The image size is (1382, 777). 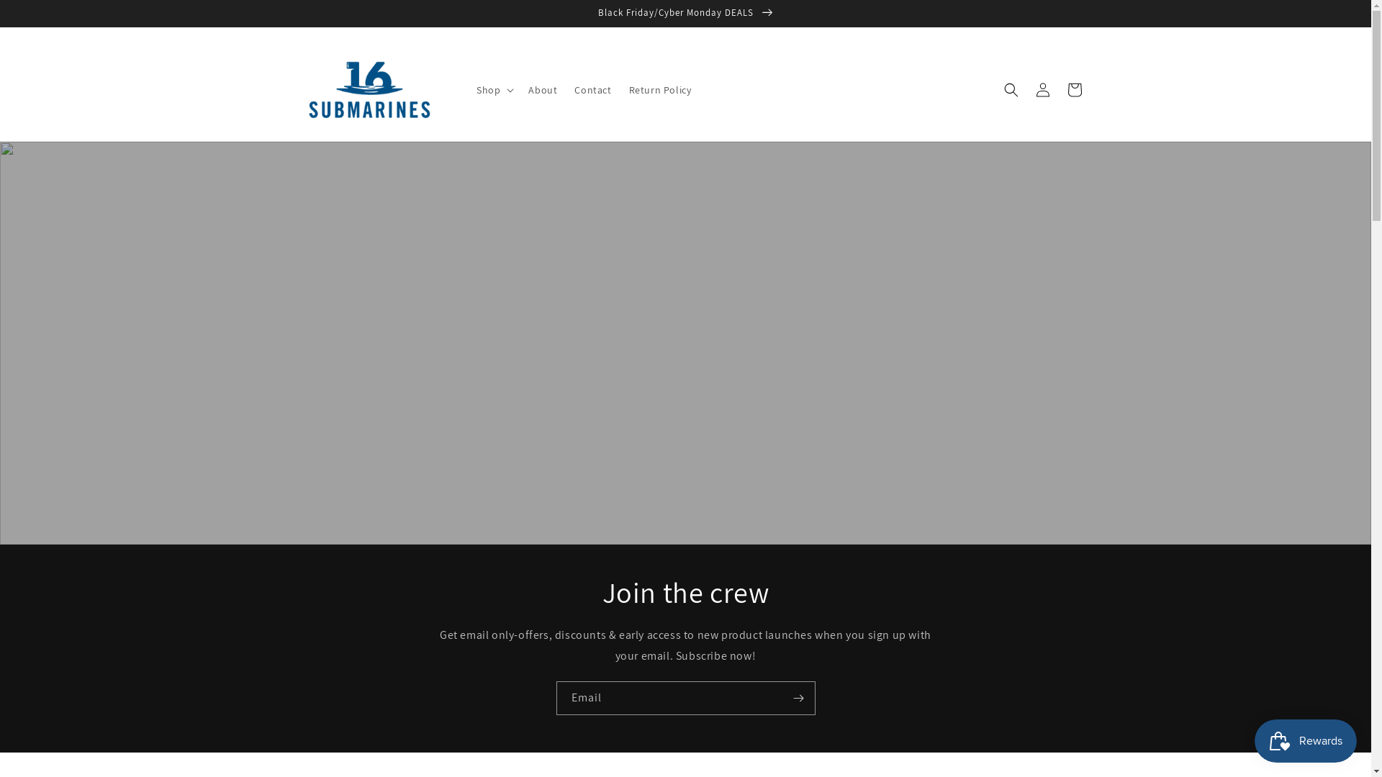 I want to click on 'Smile.io Rewards Program Launcher', so click(x=1306, y=740).